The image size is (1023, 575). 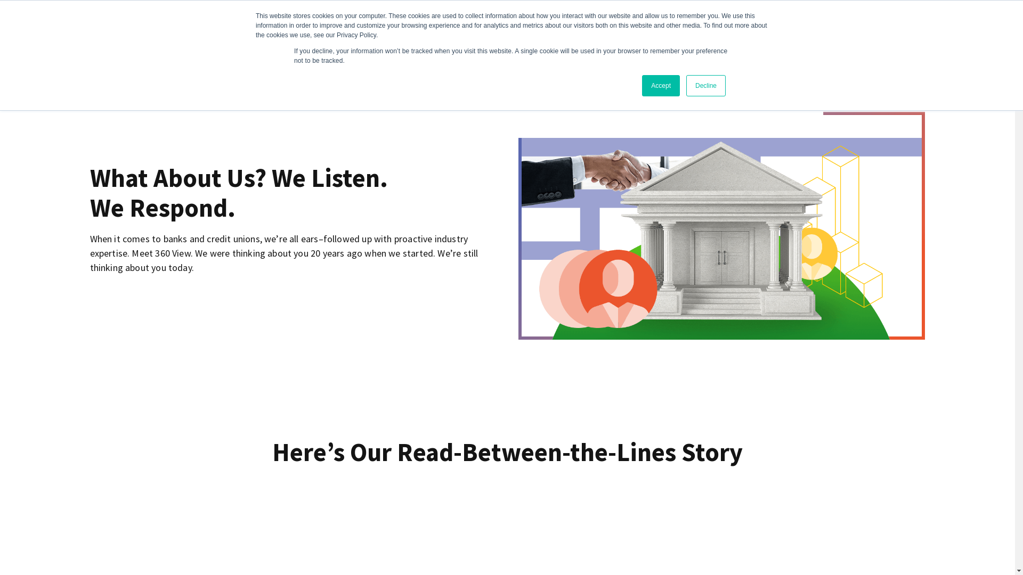 What do you see at coordinates (660, 85) in the screenshot?
I see `'Accept'` at bounding box center [660, 85].